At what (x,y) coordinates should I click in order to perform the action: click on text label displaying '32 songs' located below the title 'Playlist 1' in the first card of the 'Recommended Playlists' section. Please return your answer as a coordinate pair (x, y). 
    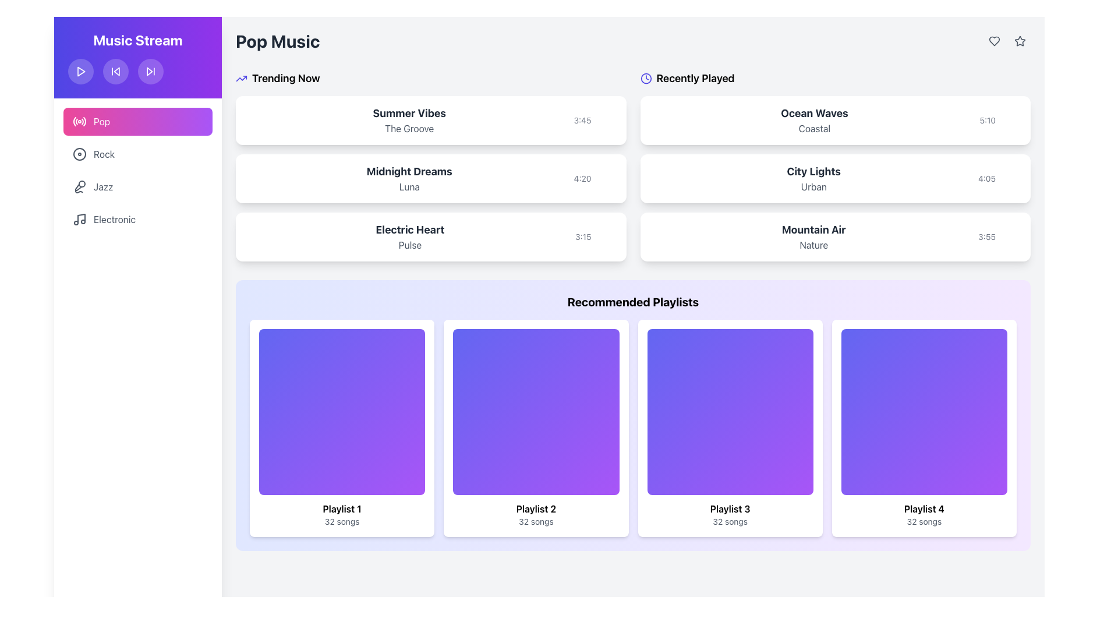
    Looking at the image, I should click on (341, 521).